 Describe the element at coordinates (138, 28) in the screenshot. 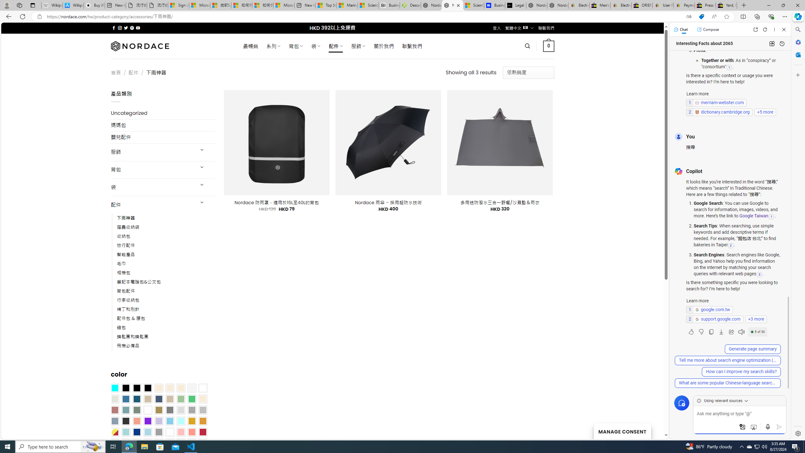

I see `'Follow on YouTube'` at that location.